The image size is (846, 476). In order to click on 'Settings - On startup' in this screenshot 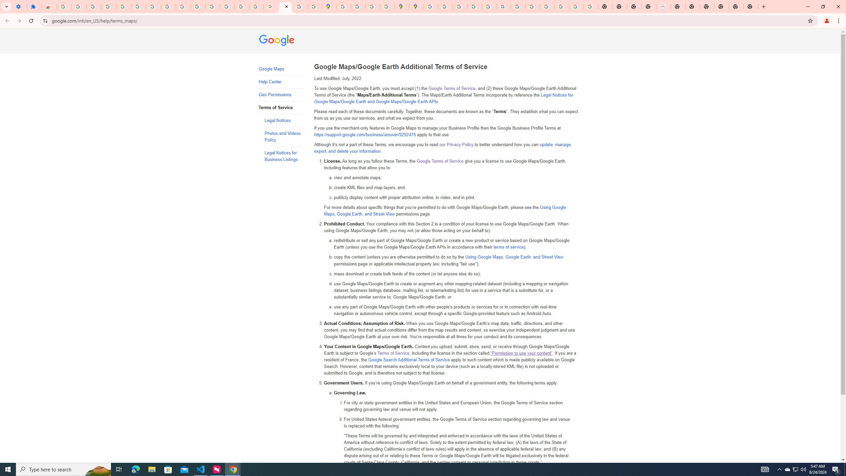, I will do `click(20, 6)`.